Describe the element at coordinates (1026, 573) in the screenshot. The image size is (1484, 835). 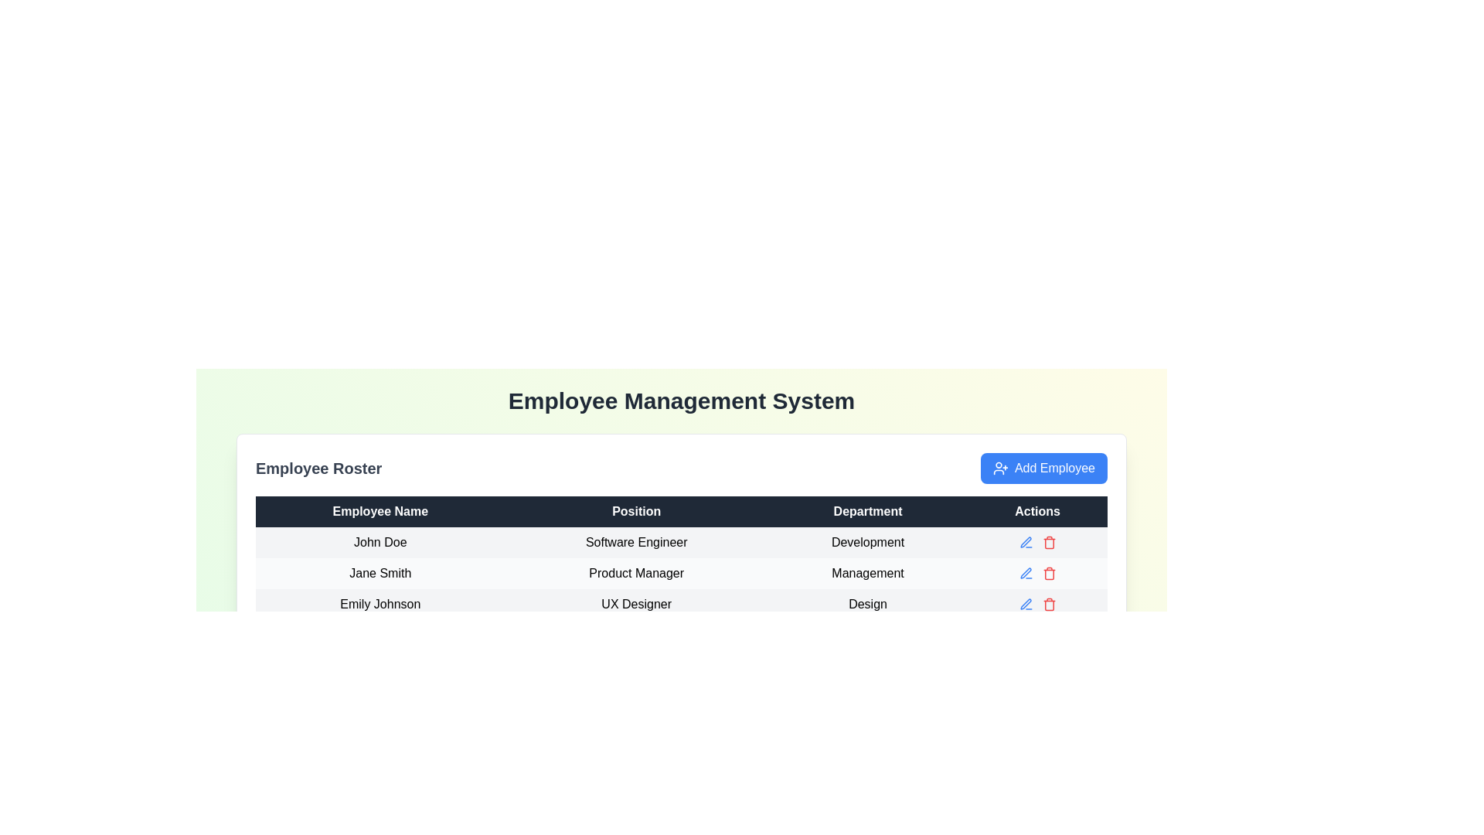
I see `the second graphic icon (SVG component) used for edit actions, located in the 'Actions' column next to the 'Management' entry row` at that location.